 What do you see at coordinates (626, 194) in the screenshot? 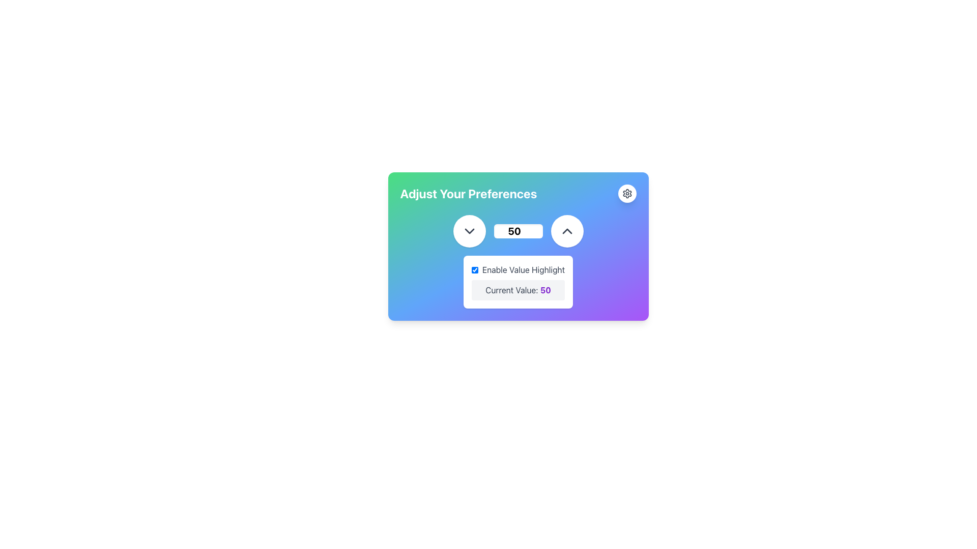
I see `the settings icon located in the top-right corner of the card interface` at bounding box center [626, 194].